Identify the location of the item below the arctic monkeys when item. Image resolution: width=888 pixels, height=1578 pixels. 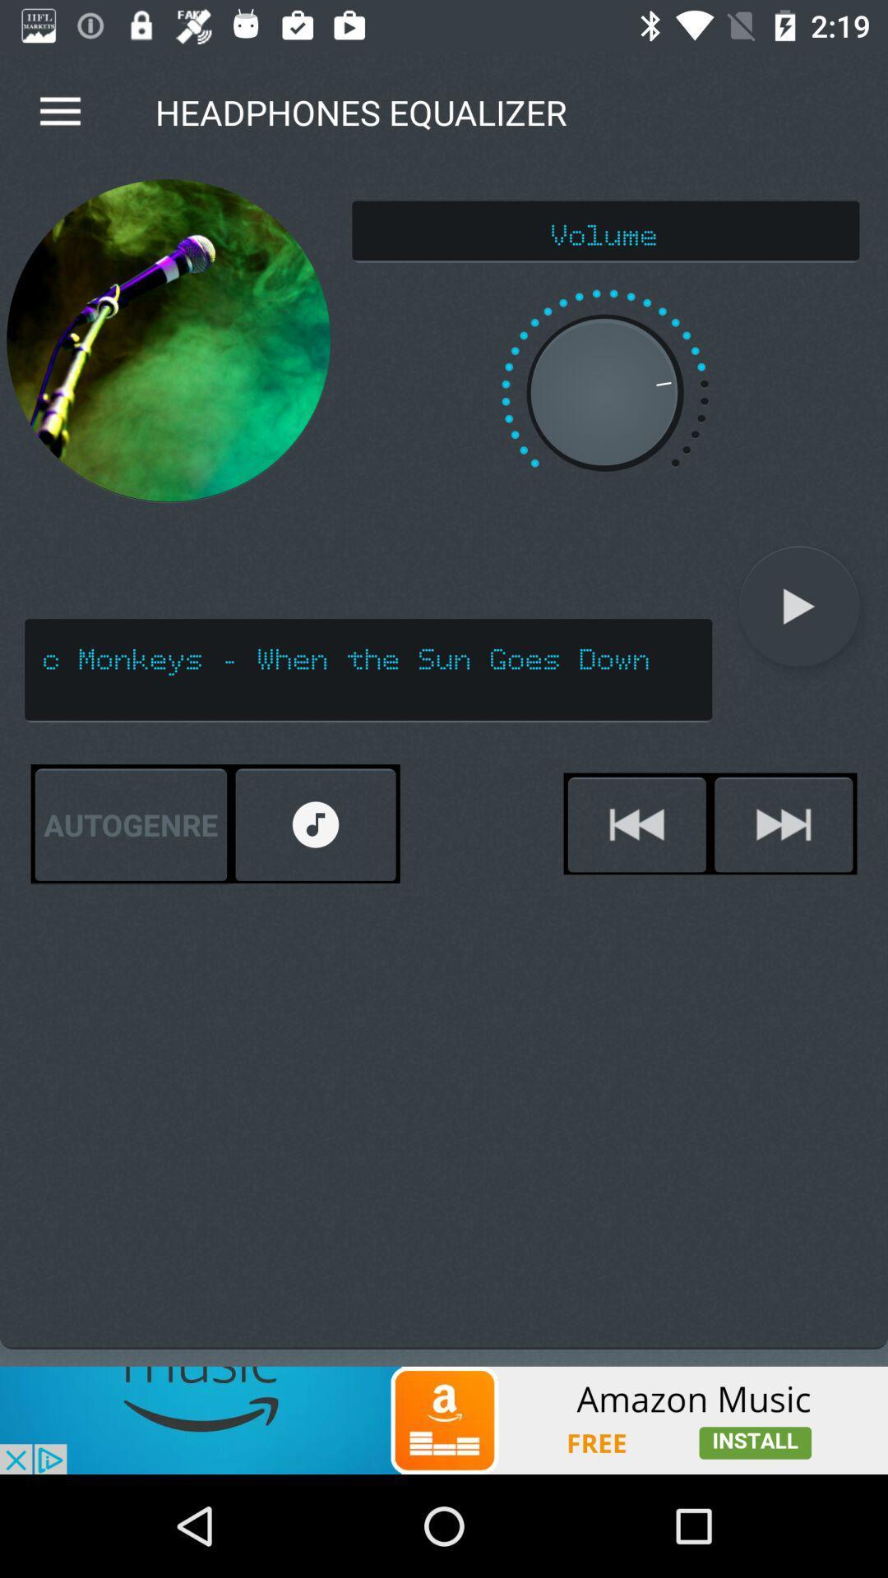
(316, 824).